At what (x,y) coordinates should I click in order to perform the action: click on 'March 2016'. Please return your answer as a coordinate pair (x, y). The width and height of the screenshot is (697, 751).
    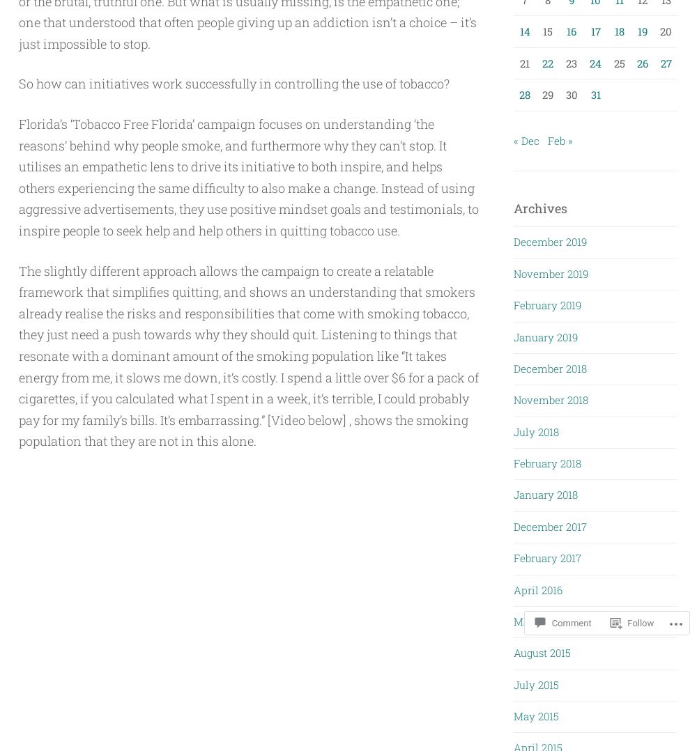
    Looking at the image, I should click on (540, 620).